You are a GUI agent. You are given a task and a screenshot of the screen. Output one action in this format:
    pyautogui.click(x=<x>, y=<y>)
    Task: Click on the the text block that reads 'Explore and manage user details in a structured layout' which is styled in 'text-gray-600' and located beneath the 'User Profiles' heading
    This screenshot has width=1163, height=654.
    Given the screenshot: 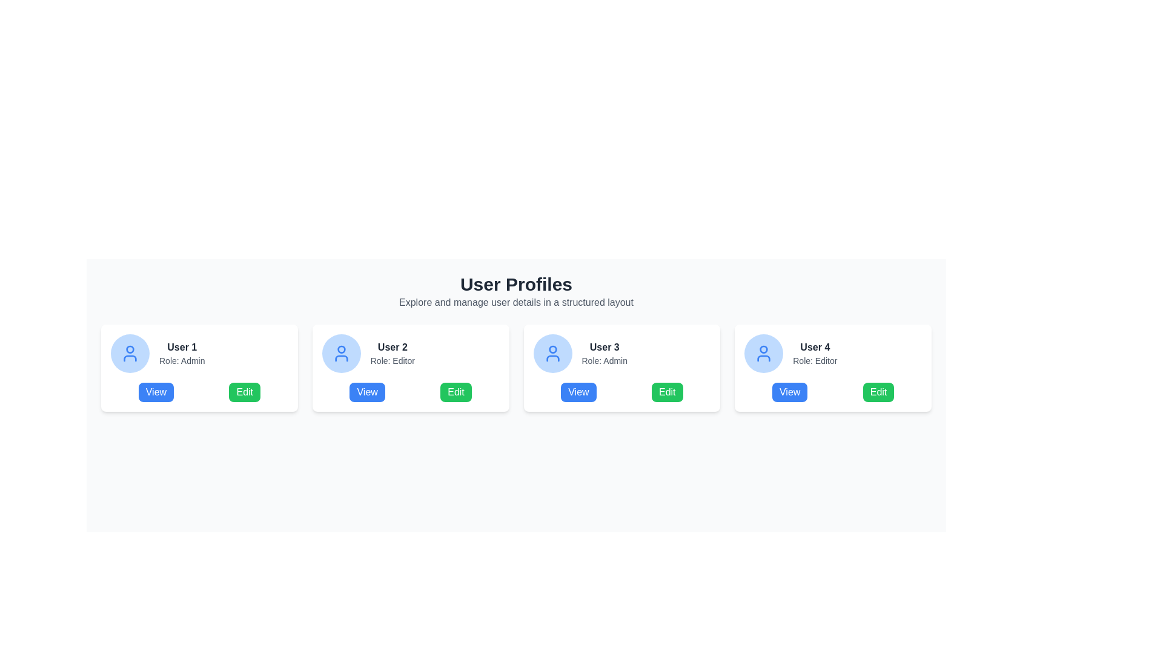 What is the action you would take?
    pyautogui.click(x=516, y=302)
    